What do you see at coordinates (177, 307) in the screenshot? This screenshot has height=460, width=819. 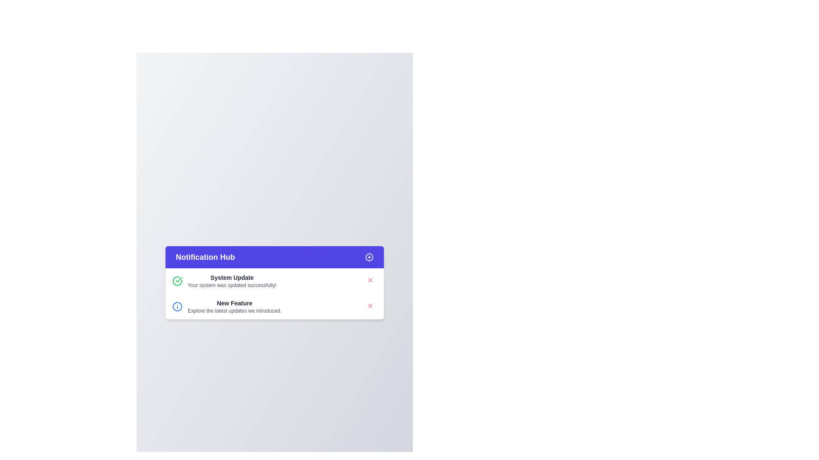 I see `the informational icon located on the left side of the 'New Feature' notification` at bounding box center [177, 307].